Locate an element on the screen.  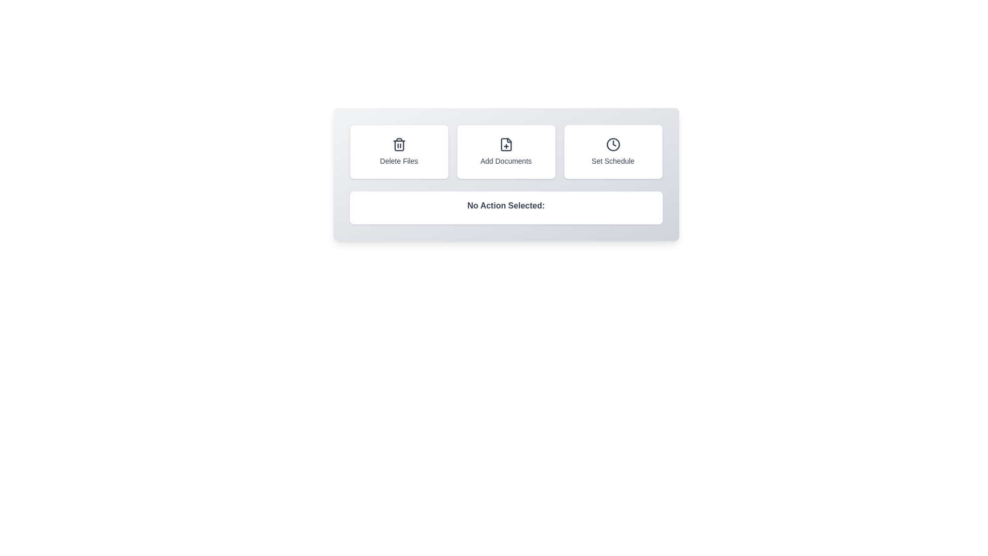
the Static Text Label that reads 'Set Schedule', which is the third button in a group of similarly styled buttons, positioned between the 'Add Documents' button and an empty space is located at coordinates (613, 161).